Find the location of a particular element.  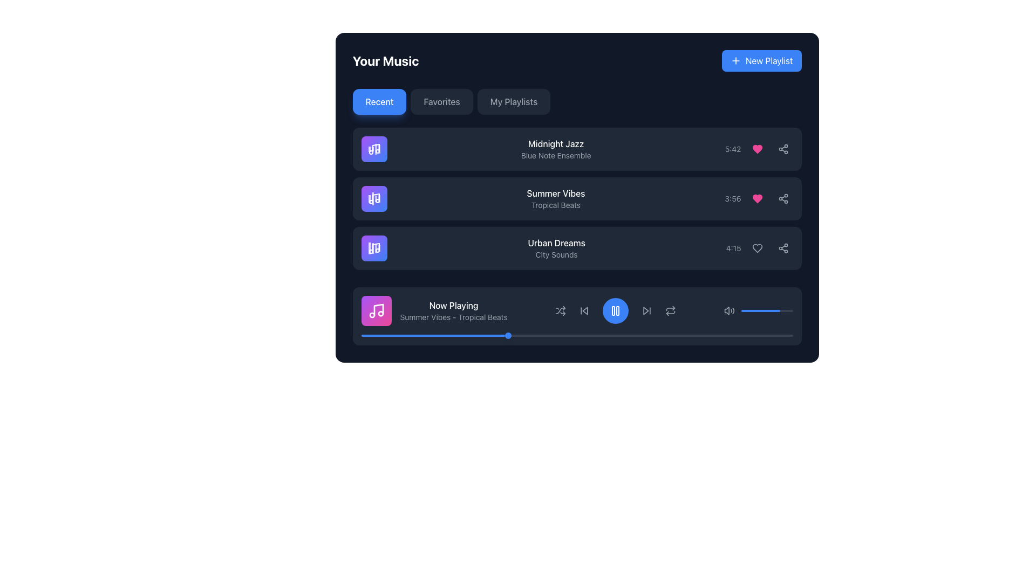

the pink heart-shaped icon button located in the first row of the playlist list is located at coordinates (756, 149).